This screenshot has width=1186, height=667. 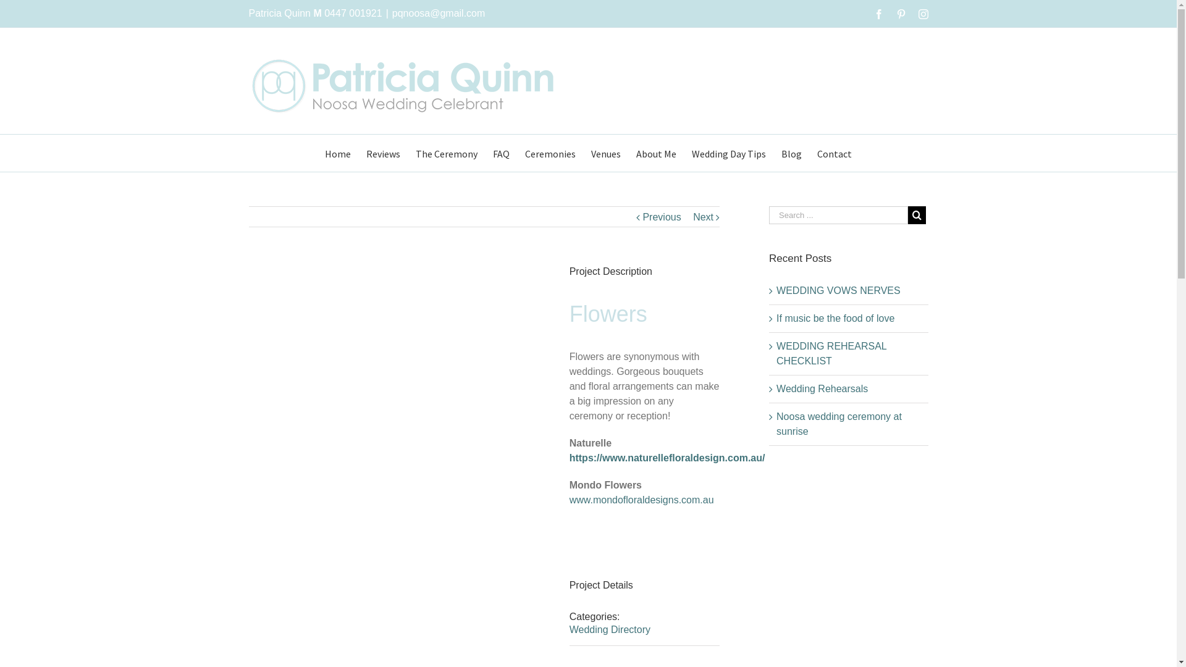 What do you see at coordinates (641, 499) in the screenshot?
I see `'www.mondofloraldesigns.com.au'` at bounding box center [641, 499].